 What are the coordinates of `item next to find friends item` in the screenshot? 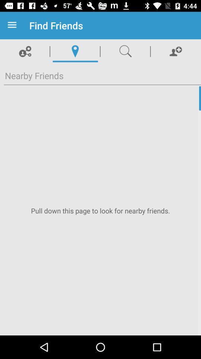 It's located at (13, 25).